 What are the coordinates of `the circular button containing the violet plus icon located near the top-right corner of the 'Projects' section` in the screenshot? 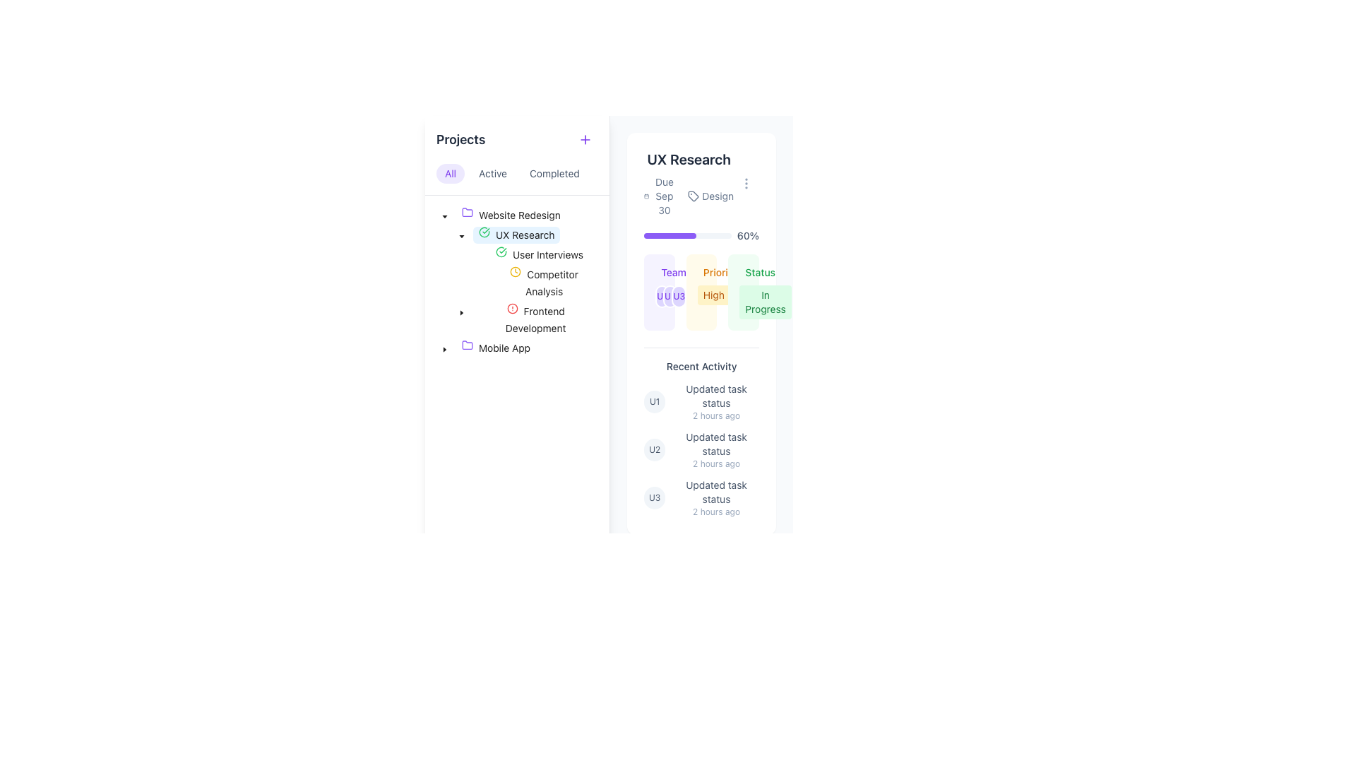 It's located at (585, 139).